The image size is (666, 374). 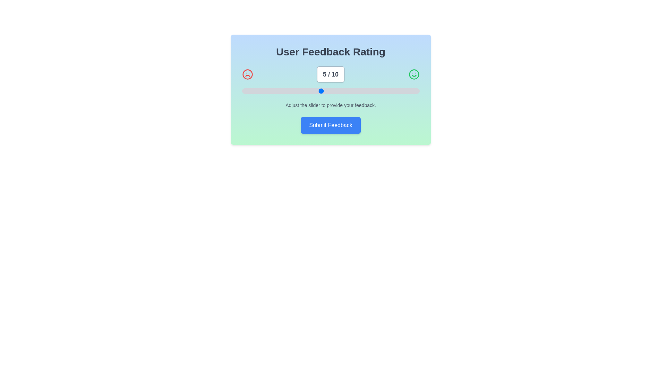 I want to click on the frown icon to interact with it, so click(x=247, y=74).